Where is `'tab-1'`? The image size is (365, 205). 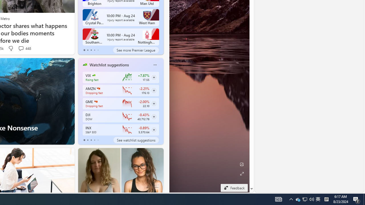
'tab-1' is located at coordinates (87, 140).